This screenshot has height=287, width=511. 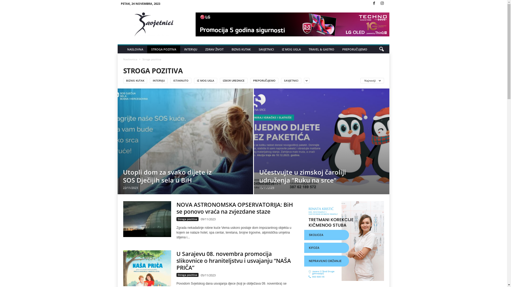 I want to click on 'NASLOVNA', so click(x=135, y=49).